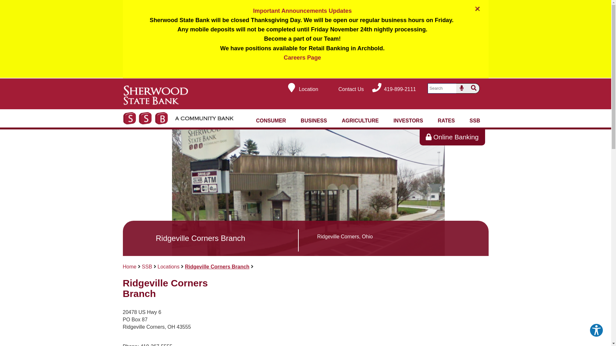  What do you see at coordinates (179, 107) in the screenshot?
I see `'Sherwood State Bank (Links to Homepage)'` at bounding box center [179, 107].